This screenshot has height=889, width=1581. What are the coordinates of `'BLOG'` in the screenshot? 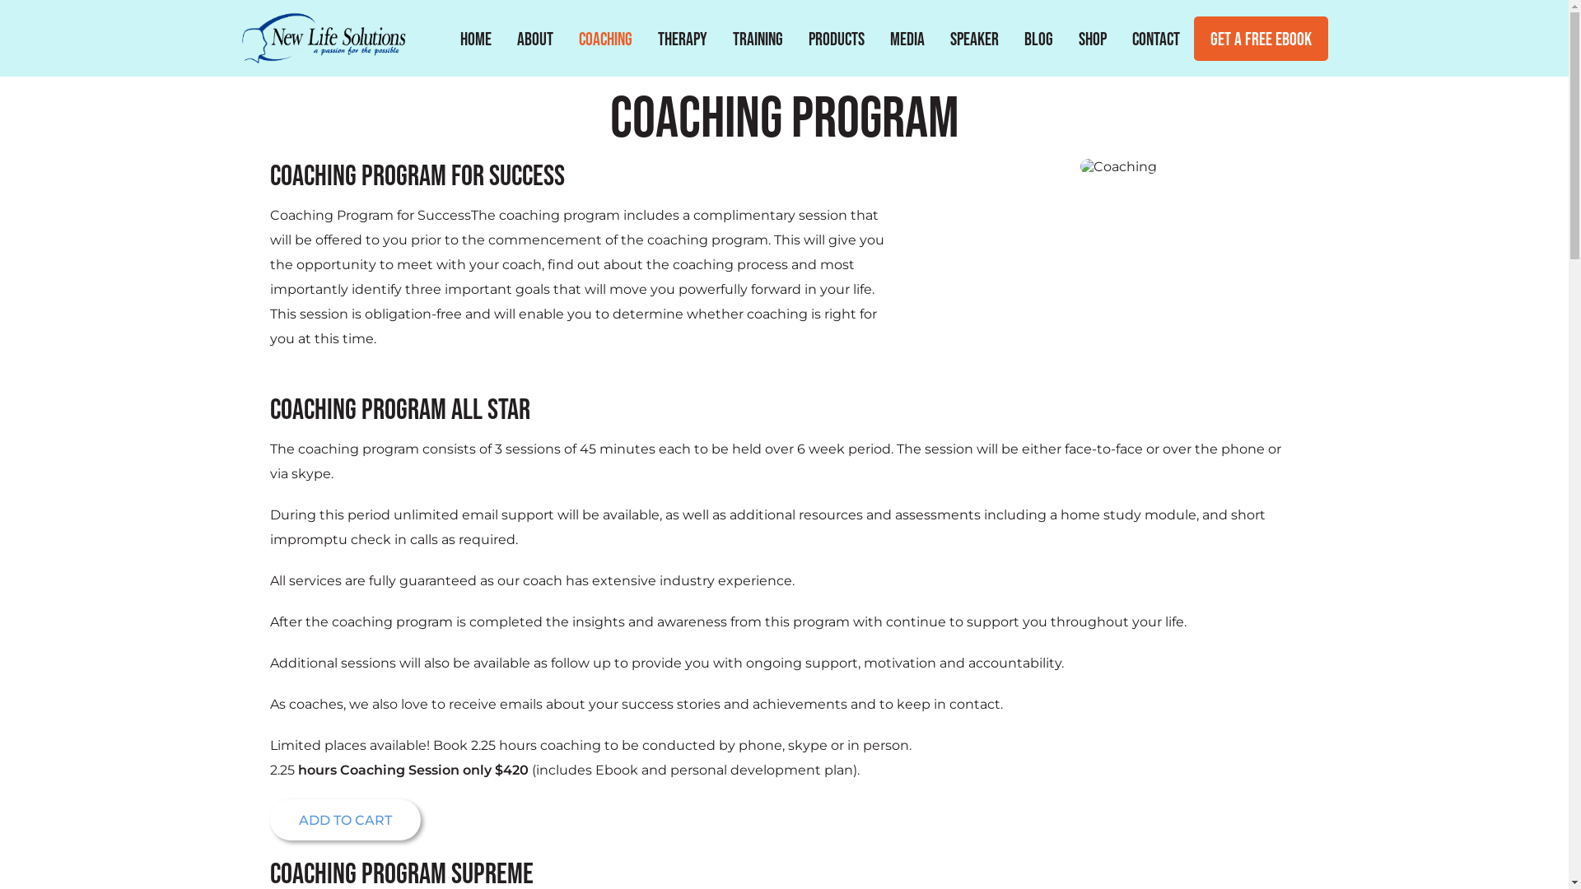 It's located at (1037, 37).